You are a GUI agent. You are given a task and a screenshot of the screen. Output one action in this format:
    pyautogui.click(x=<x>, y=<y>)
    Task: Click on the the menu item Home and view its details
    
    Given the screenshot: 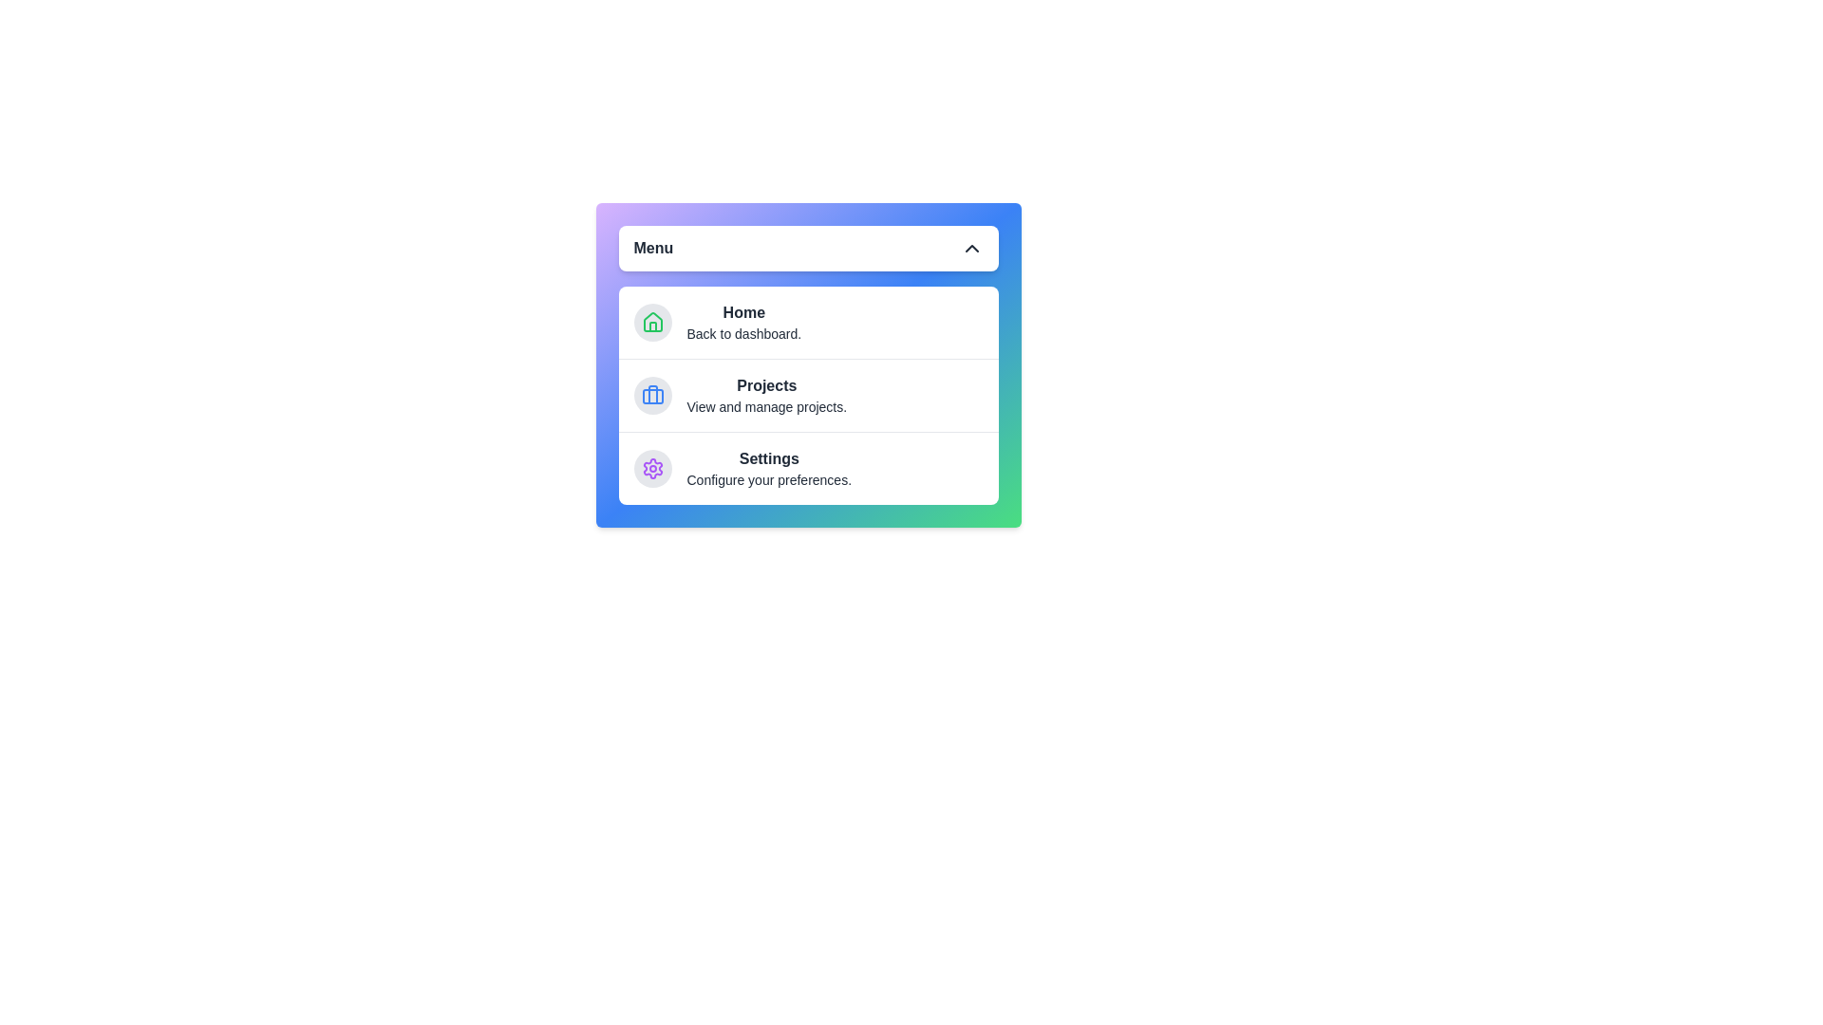 What is the action you would take?
    pyautogui.click(x=808, y=321)
    